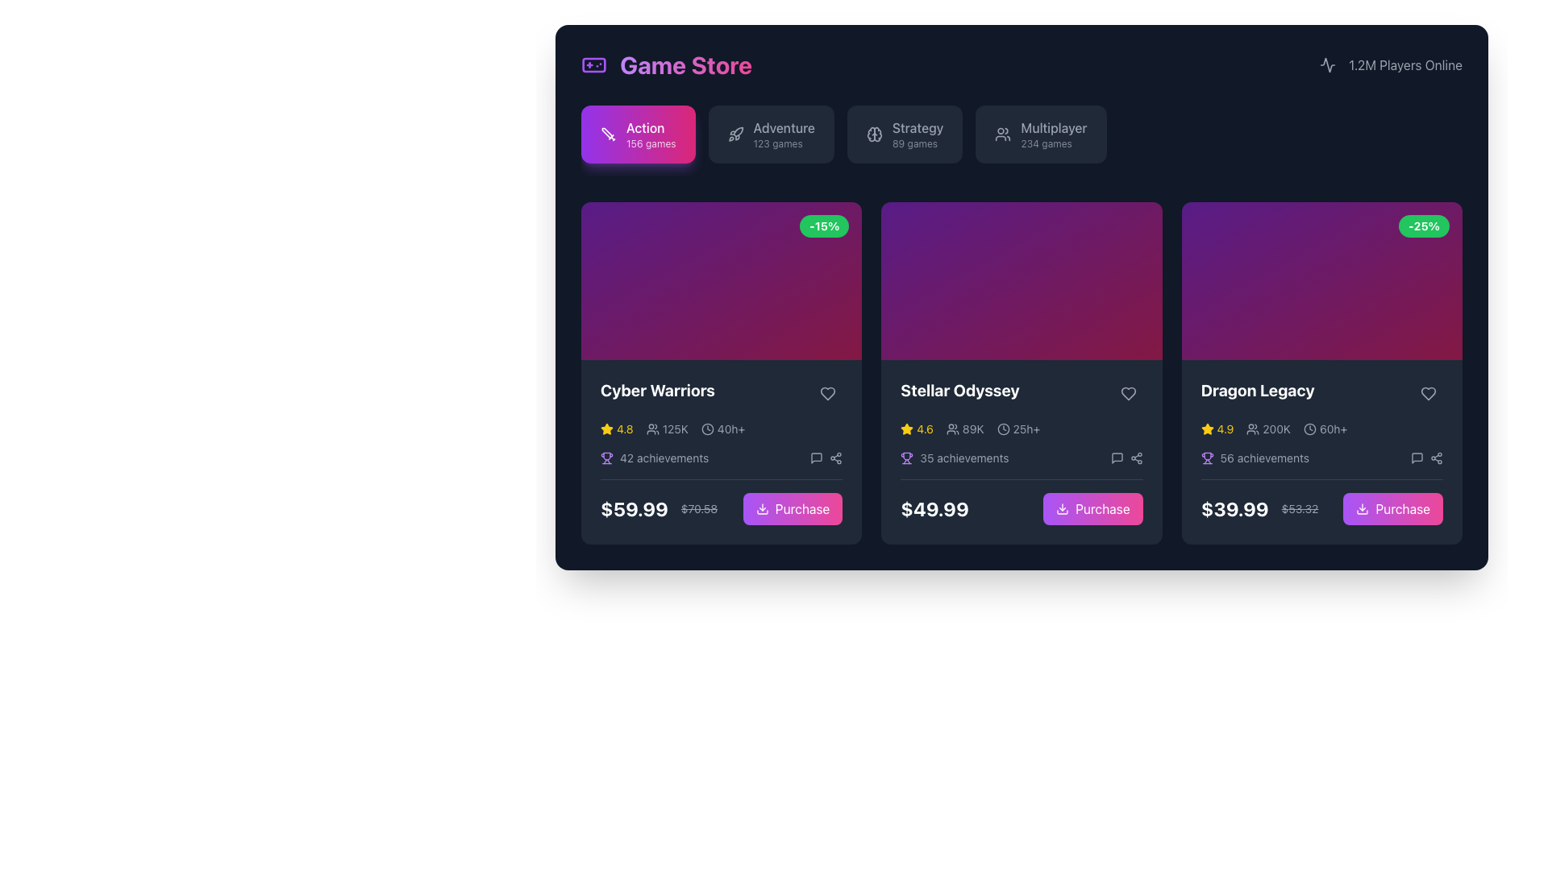  Describe the element at coordinates (1390, 64) in the screenshot. I see `the text-based indicator with an icon that shows the number of players currently online, located on the far right of the top navigation area next to the 'Game Store' title` at that location.